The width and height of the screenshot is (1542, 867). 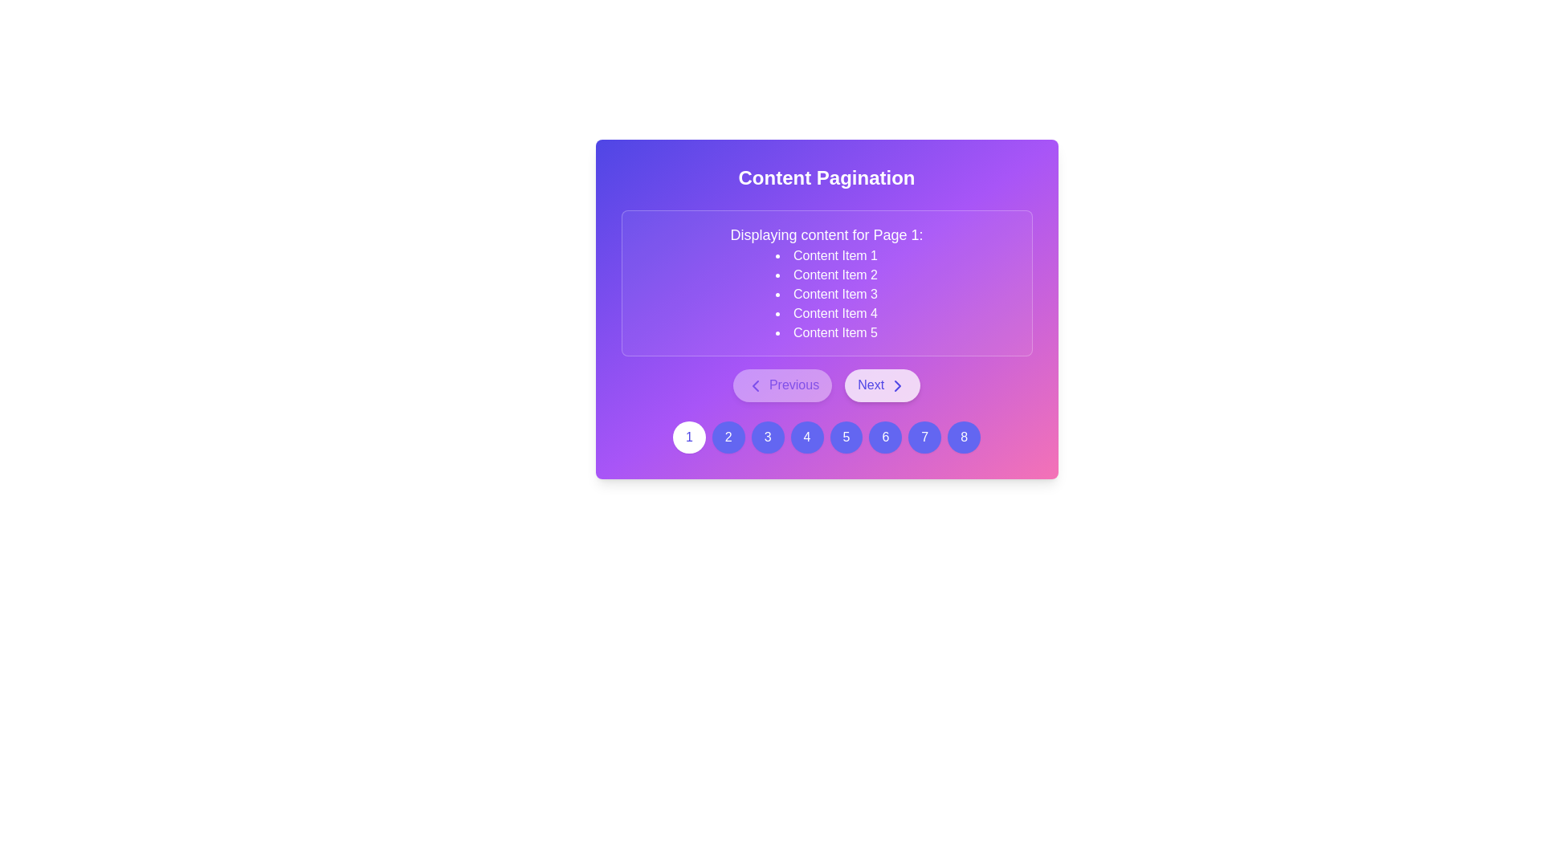 I want to click on the 'Next' button which contains a right-pointing chevron icon, so click(x=896, y=385).